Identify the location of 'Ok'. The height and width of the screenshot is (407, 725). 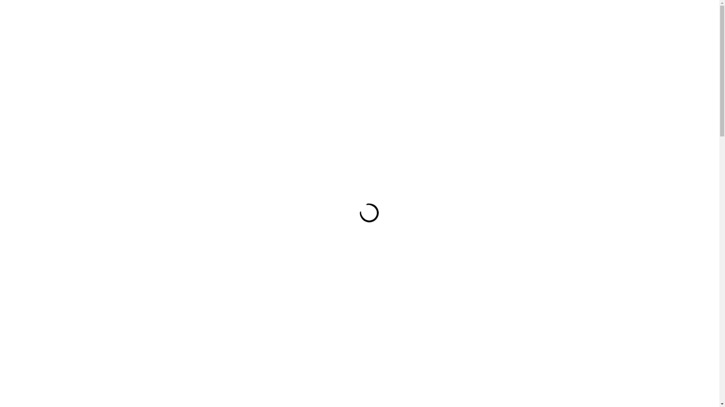
(613, 365).